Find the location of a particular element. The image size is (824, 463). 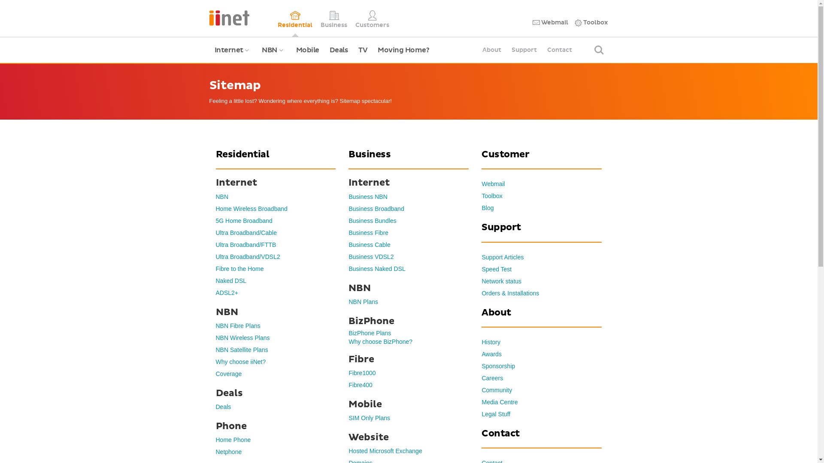

'Moving Home?' is located at coordinates (403, 50).